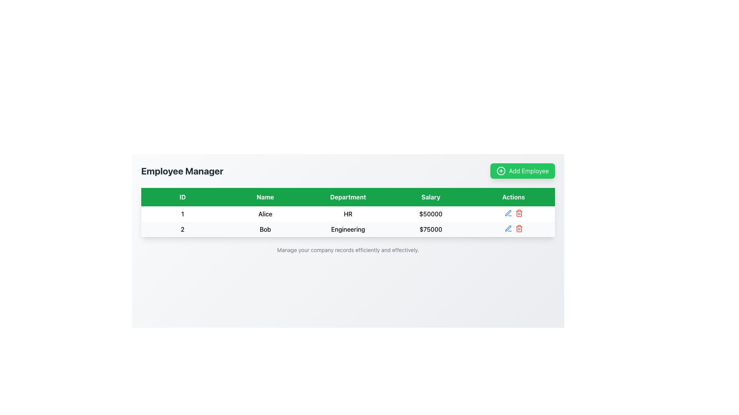  What do you see at coordinates (348, 214) in the screenshot?
I see `the Table Cell containing the text 'HR', which is styled in a sans-serif font and is part of the 'Department' column for the employee named 'Alice'` at bounding box center [348, 214].